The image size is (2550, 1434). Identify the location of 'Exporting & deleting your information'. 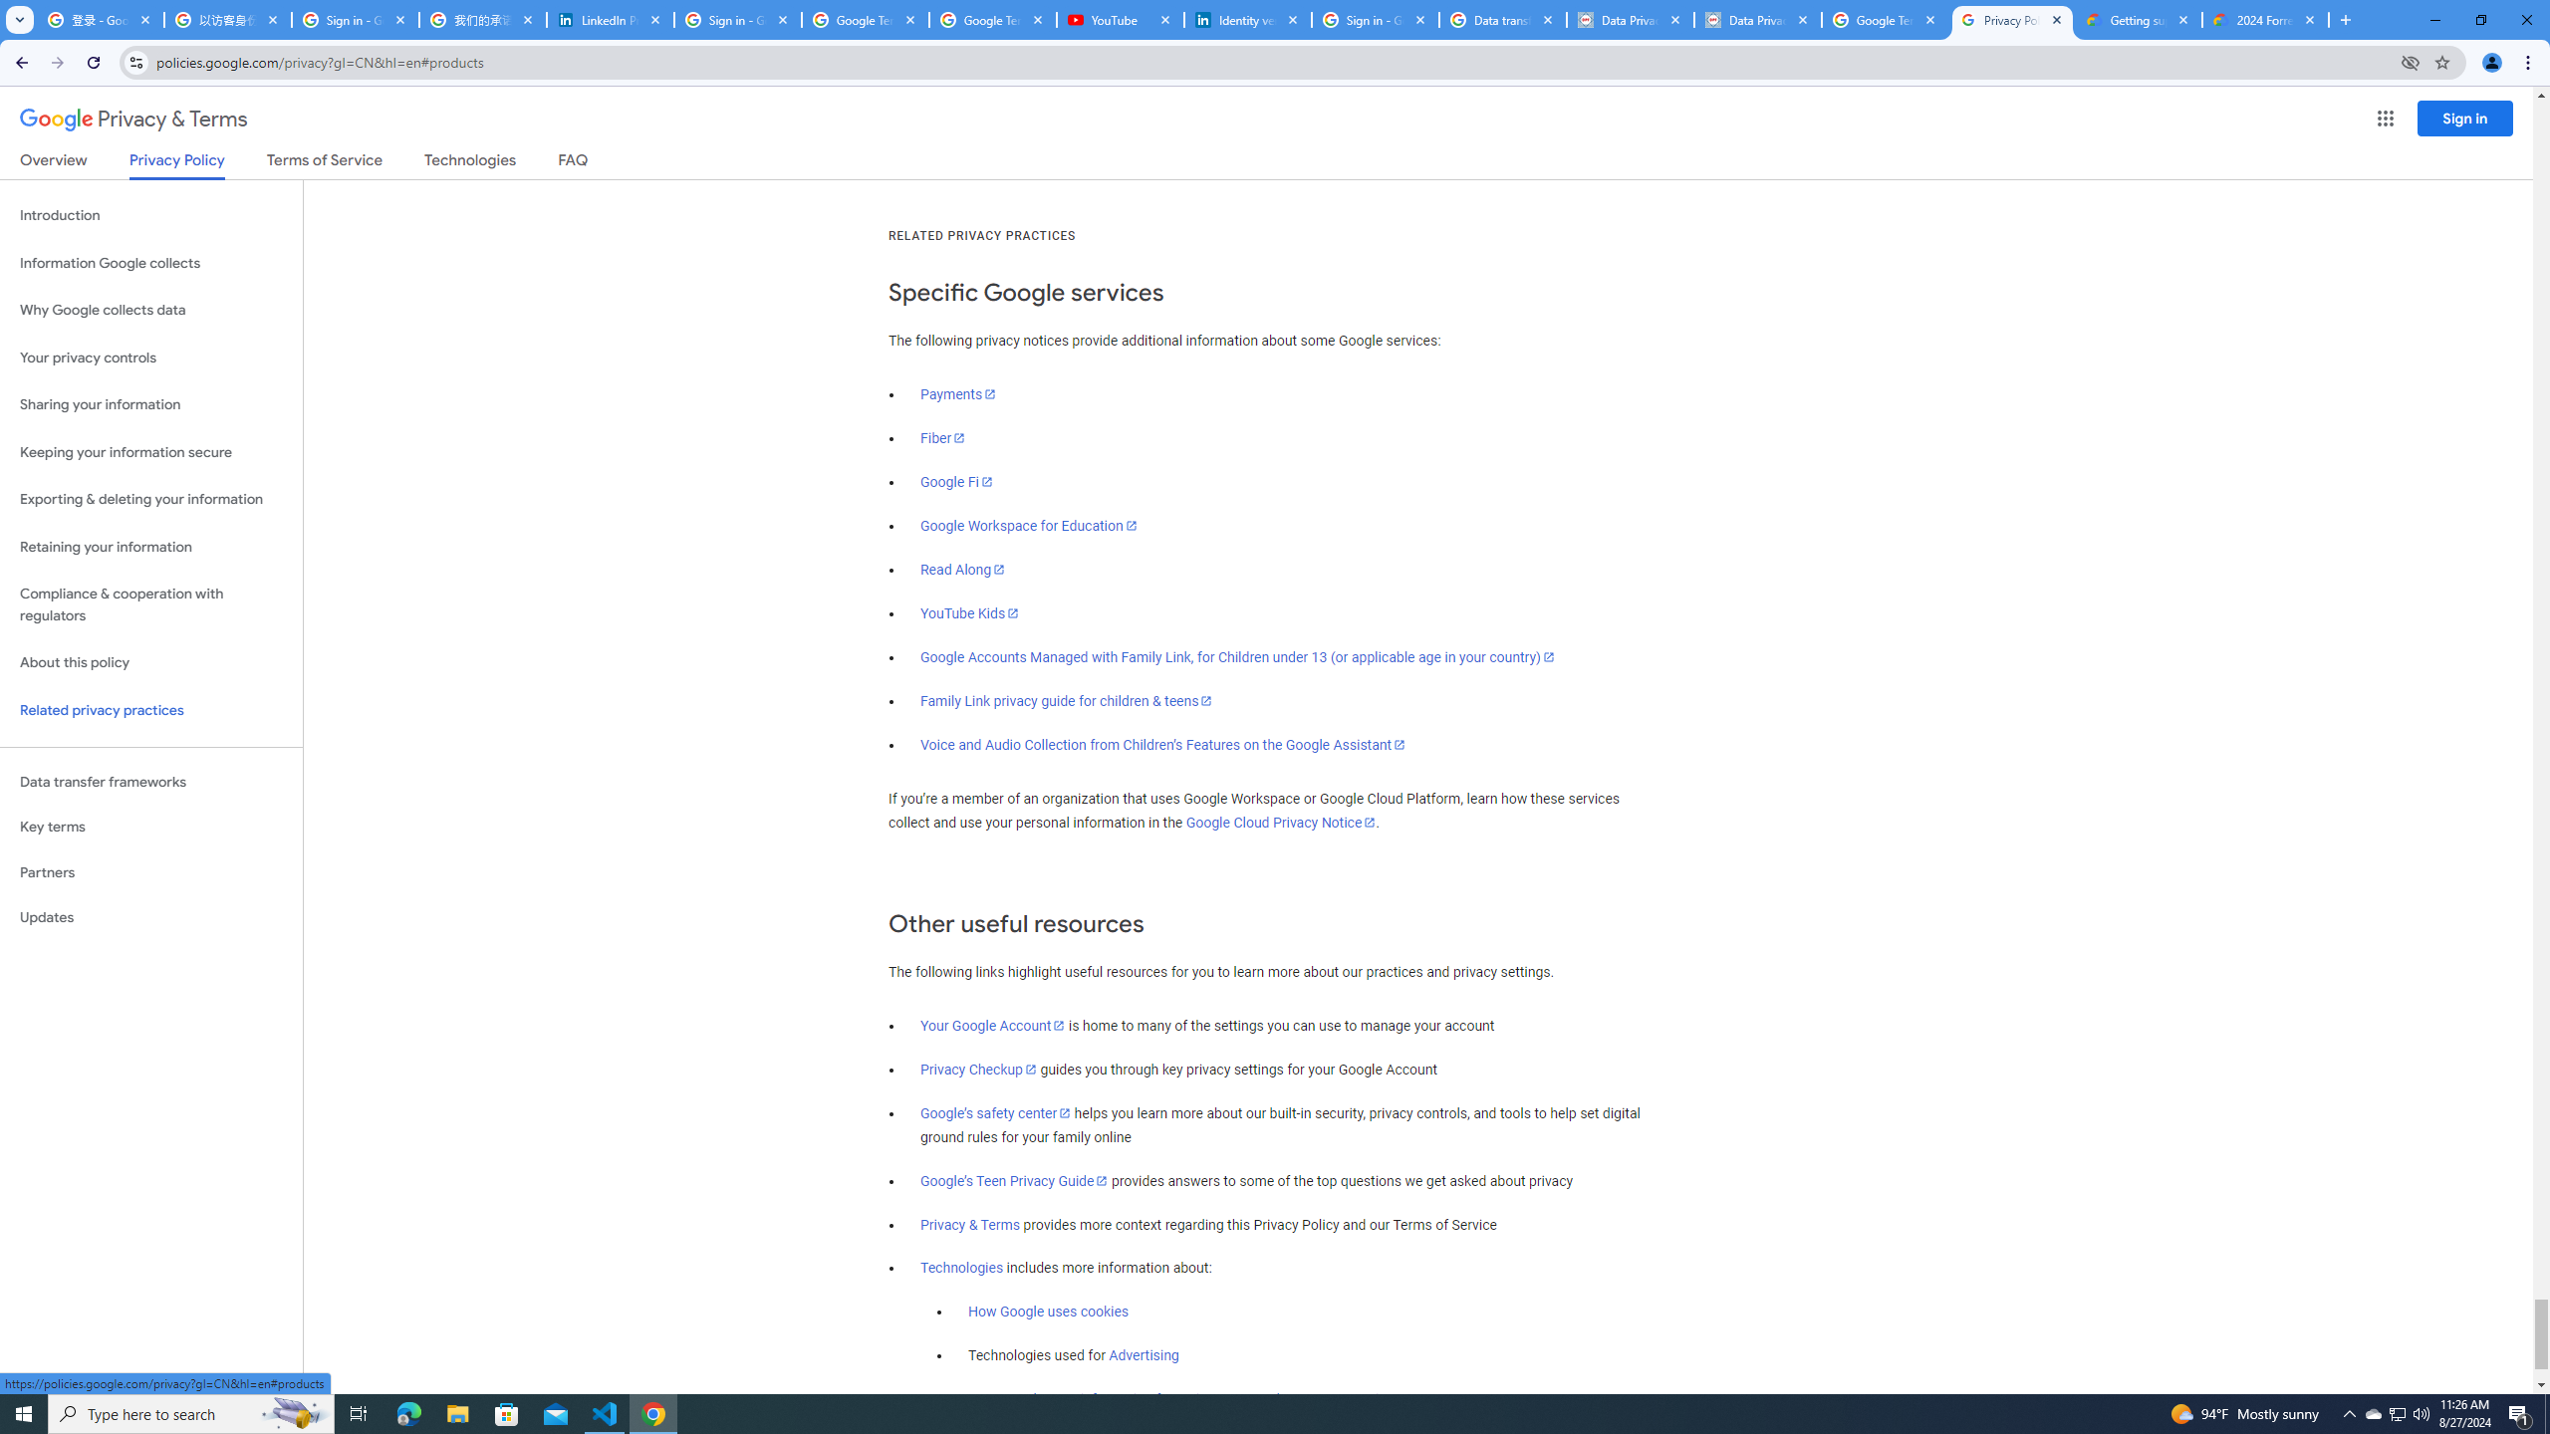
(150, 499).